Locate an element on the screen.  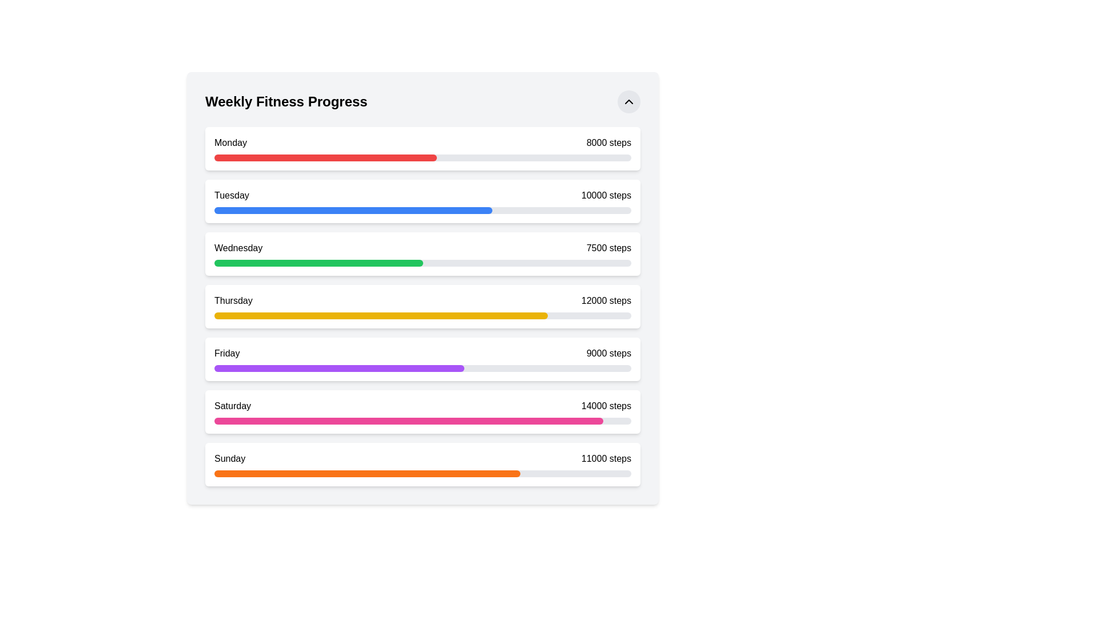
the horizontal progress bar labeled 'Monday', which has a gray background and a red foreground indicating progress is located at coordinates (422, 158).